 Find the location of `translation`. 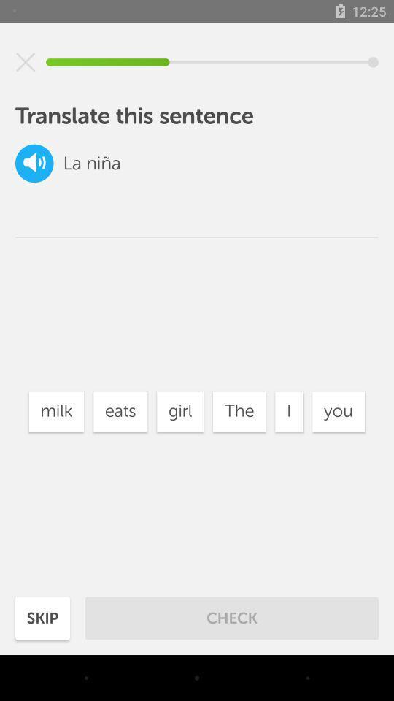

translation is located at coordinates (34, 163).